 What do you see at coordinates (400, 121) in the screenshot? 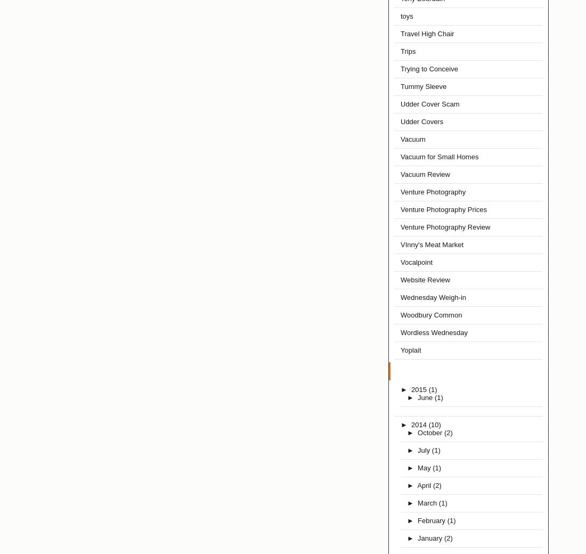
I see `'Udder Covers'` at bounding box center [400, 121].